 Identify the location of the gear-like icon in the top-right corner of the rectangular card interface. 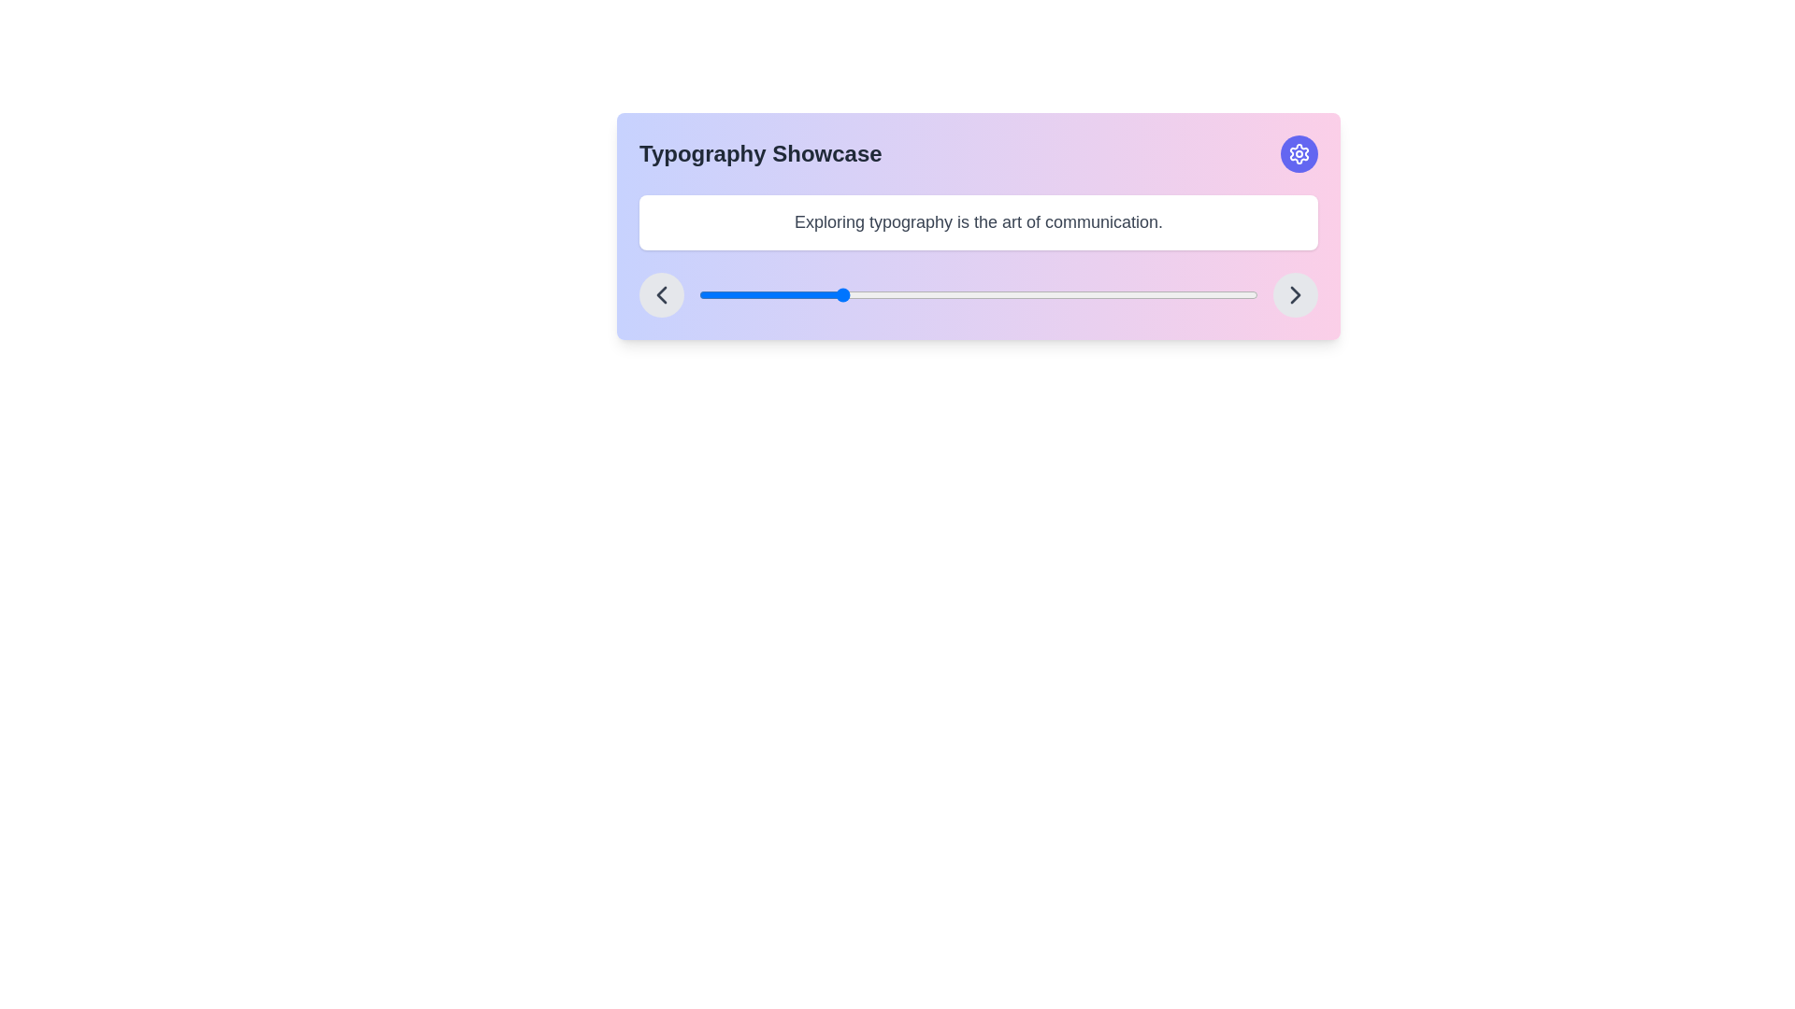
(1299, 153).